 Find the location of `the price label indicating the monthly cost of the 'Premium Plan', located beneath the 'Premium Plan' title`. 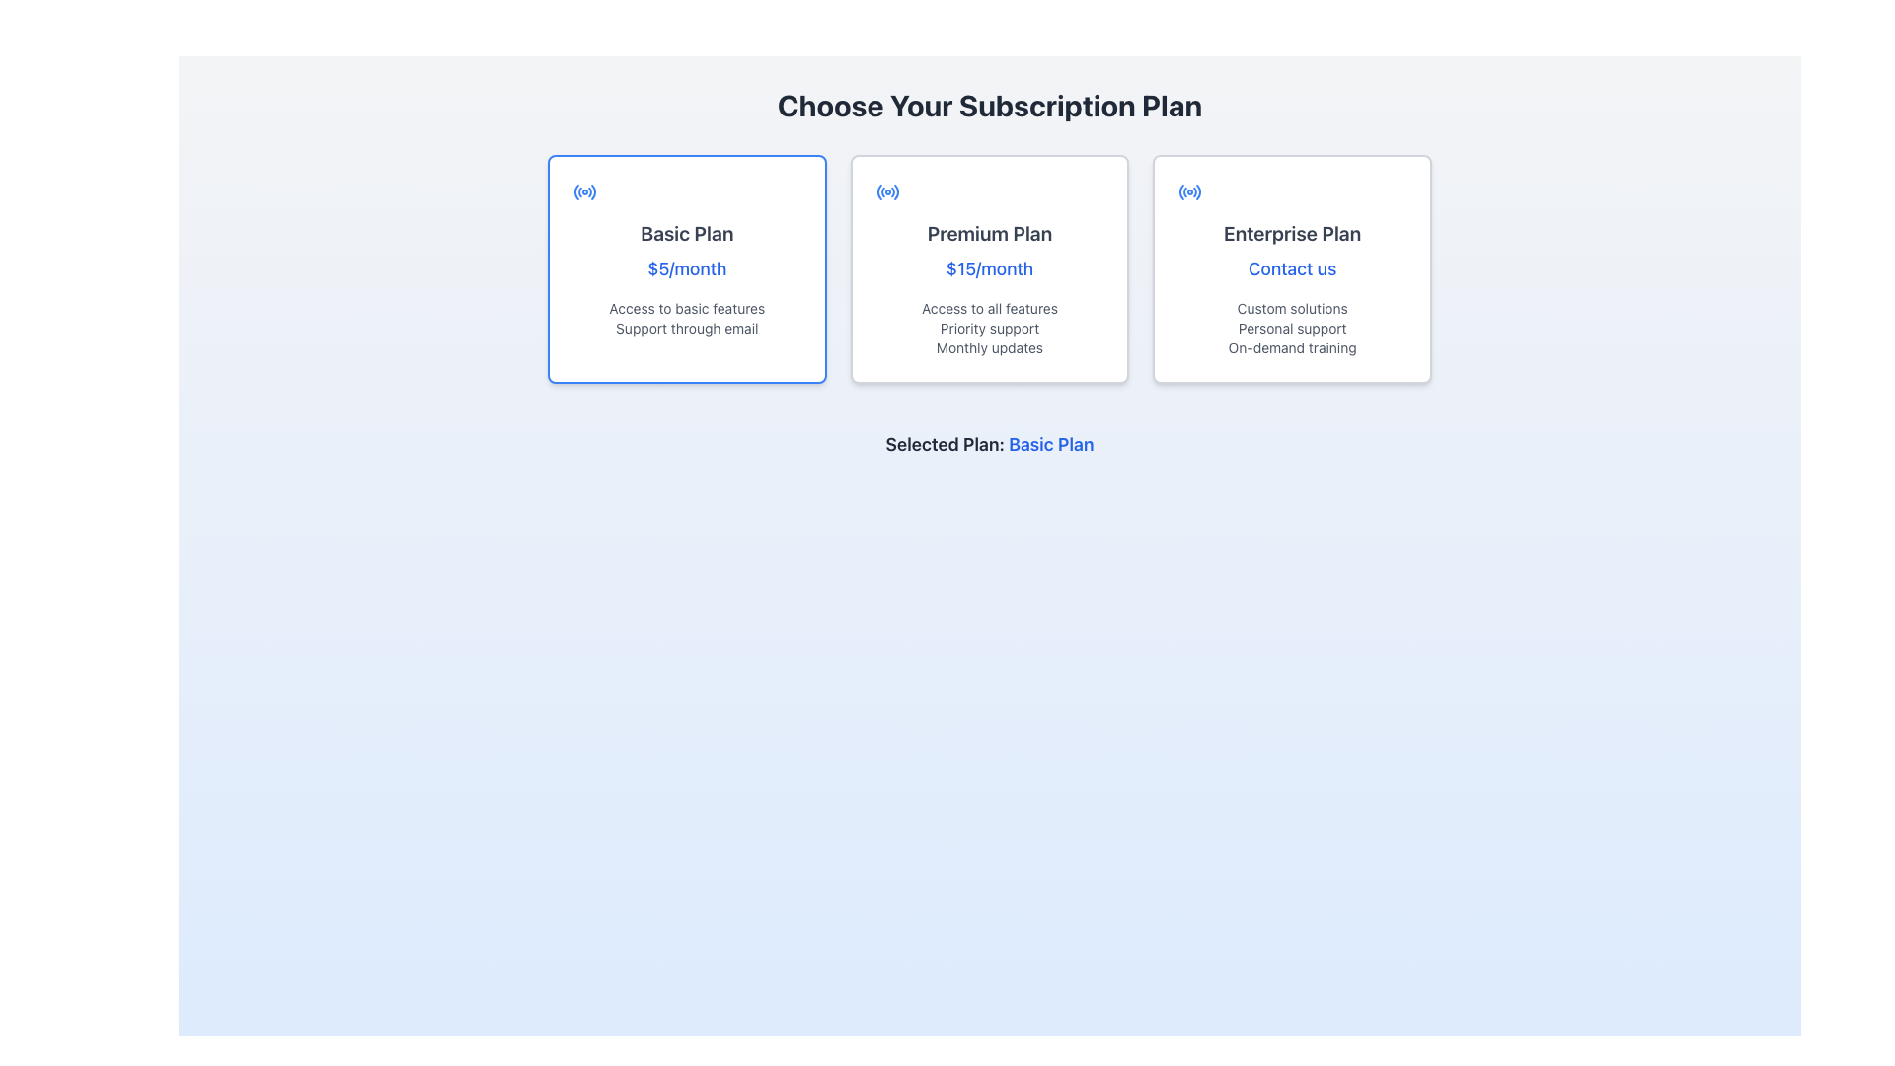

the price label indicating the monthly cost of the 'Premium Plan', located beneath the 'Premium Plan' title is located at coordinates (990, 269).